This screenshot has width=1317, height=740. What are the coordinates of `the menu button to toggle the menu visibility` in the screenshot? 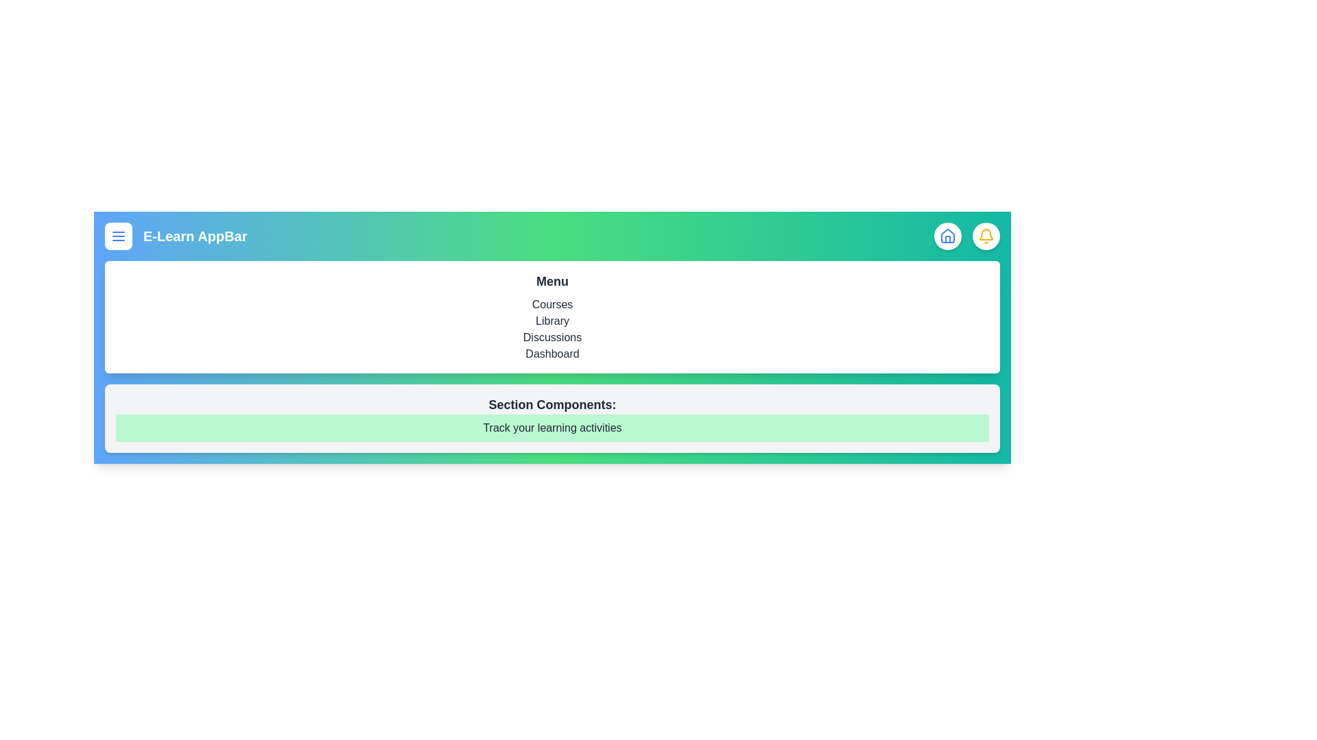 It's located at (118, 235).